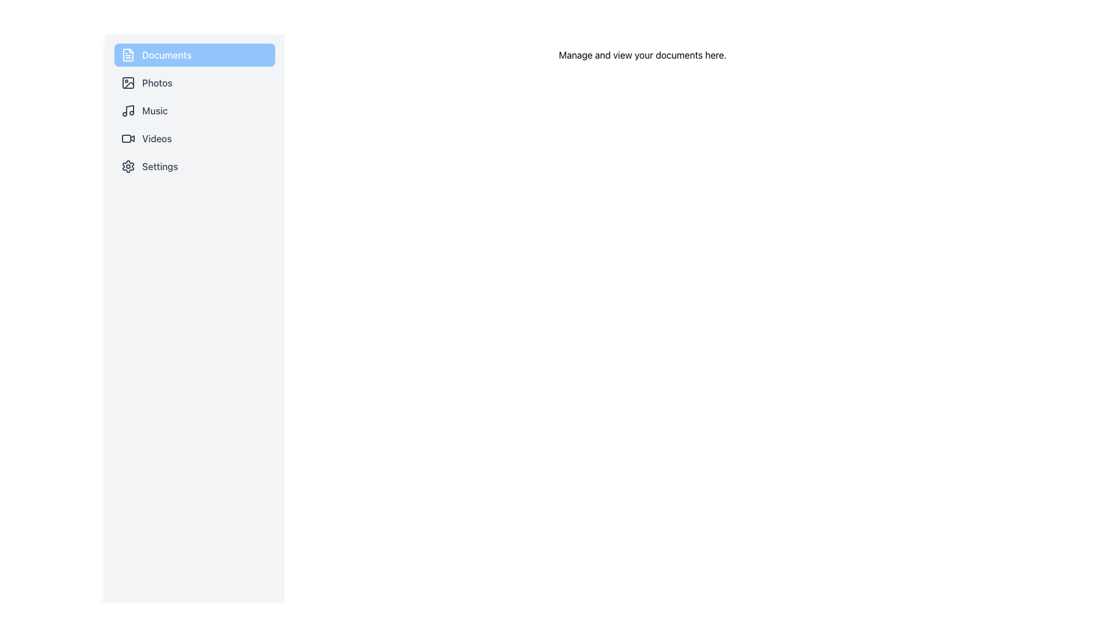  What do you see at coordinates (159, 166) in the screenshot?
I see `the 'Settings' text label in the vertical navigation menu, which is bold and medium-sized, located beside a gear icon` at bounding box center [159, 166].